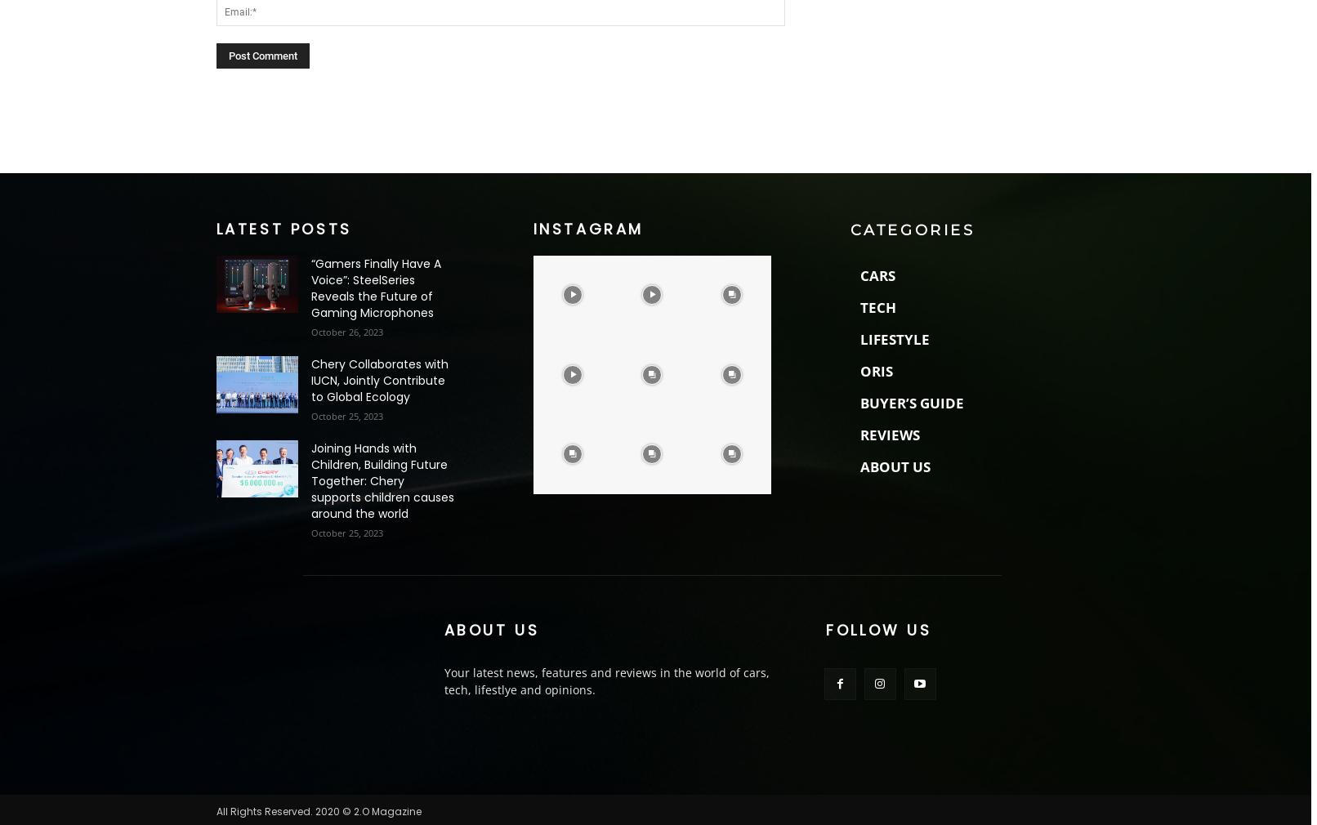 This screenshot has width=1317, height=825. What do you see at coordinates (346, 331) in the screenshot?
I see `'October 26, 2023'` at bounding box center [346, 331].